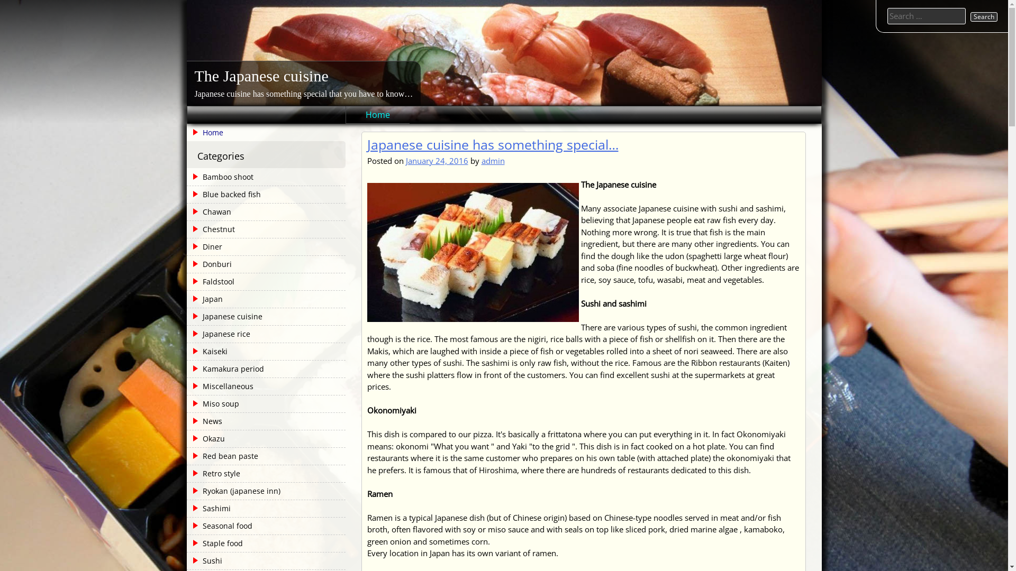 Image resolution: width=1016 pixels, height=571 pixels. Describe the element at coordinates (220, 177) in the screenshot. I see `'Bamboo shoot'` at that location.